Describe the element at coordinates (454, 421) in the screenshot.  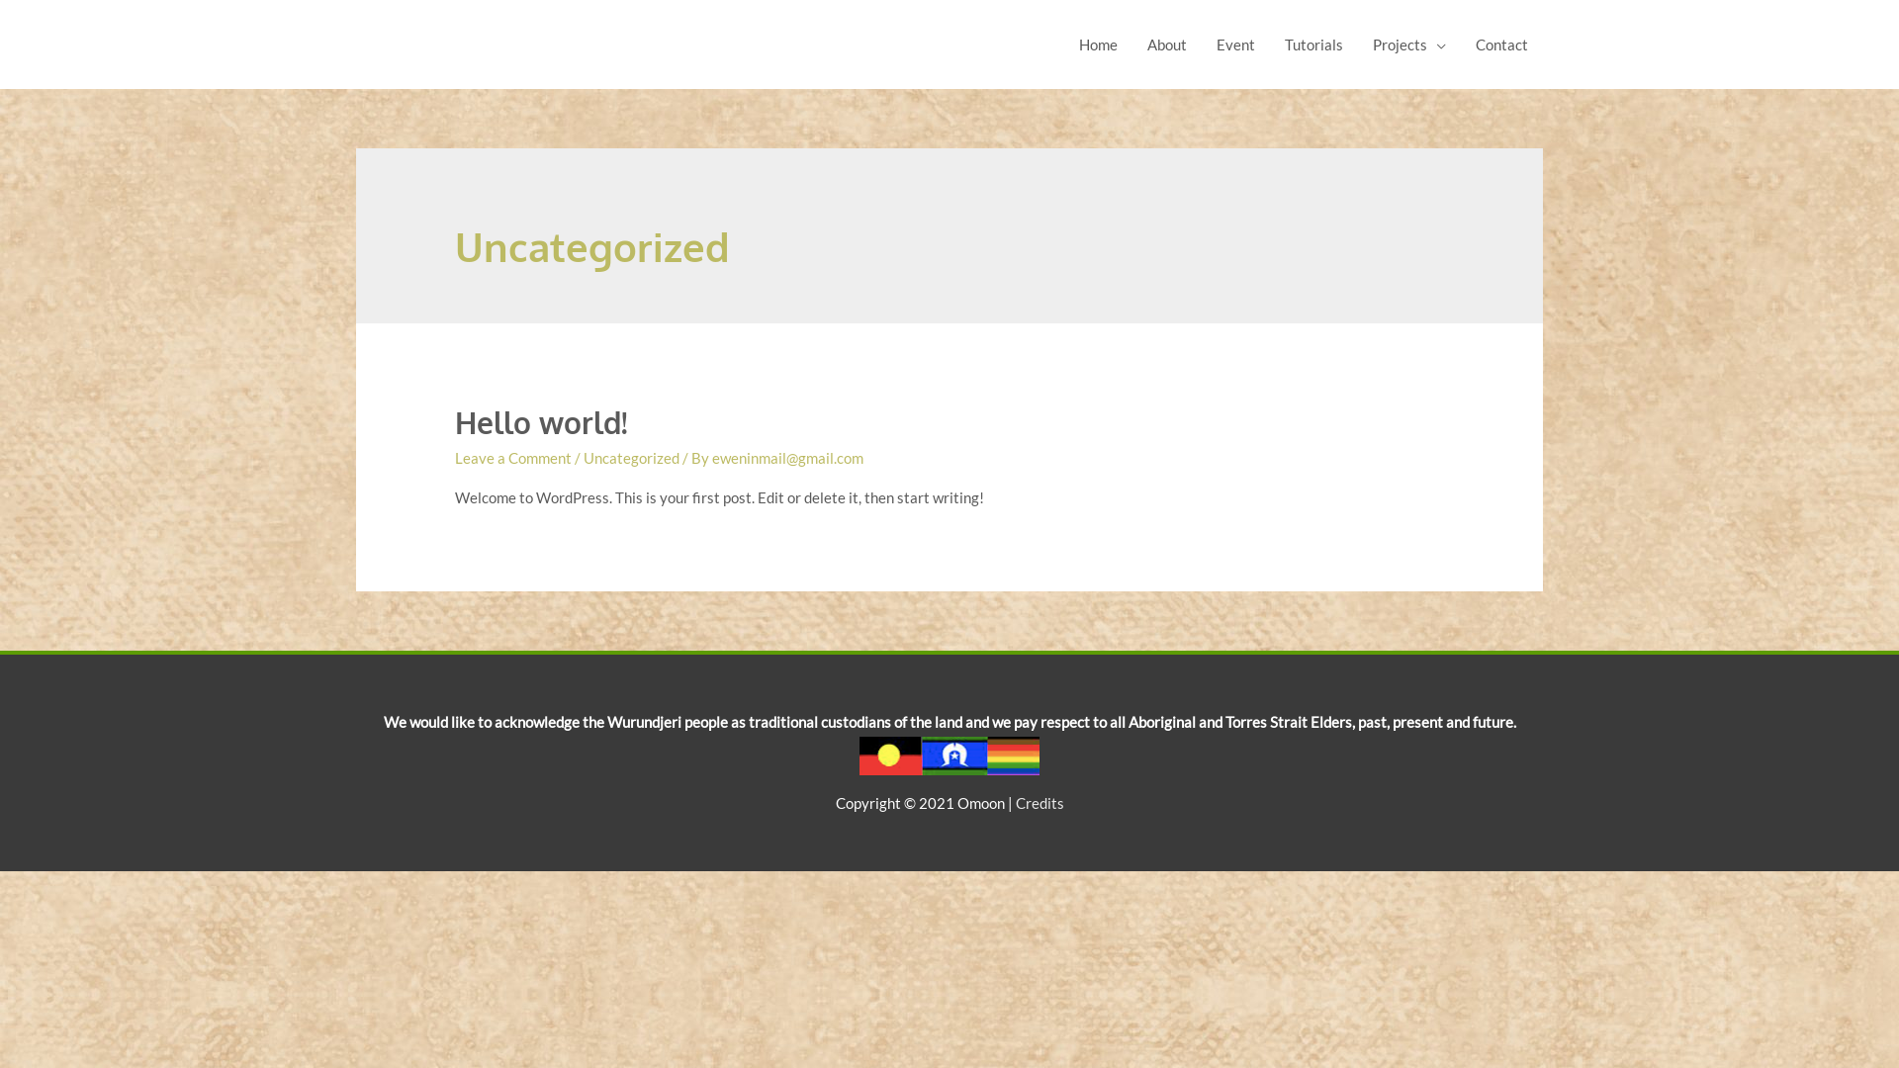
I see `'Hello world!'` at that location.